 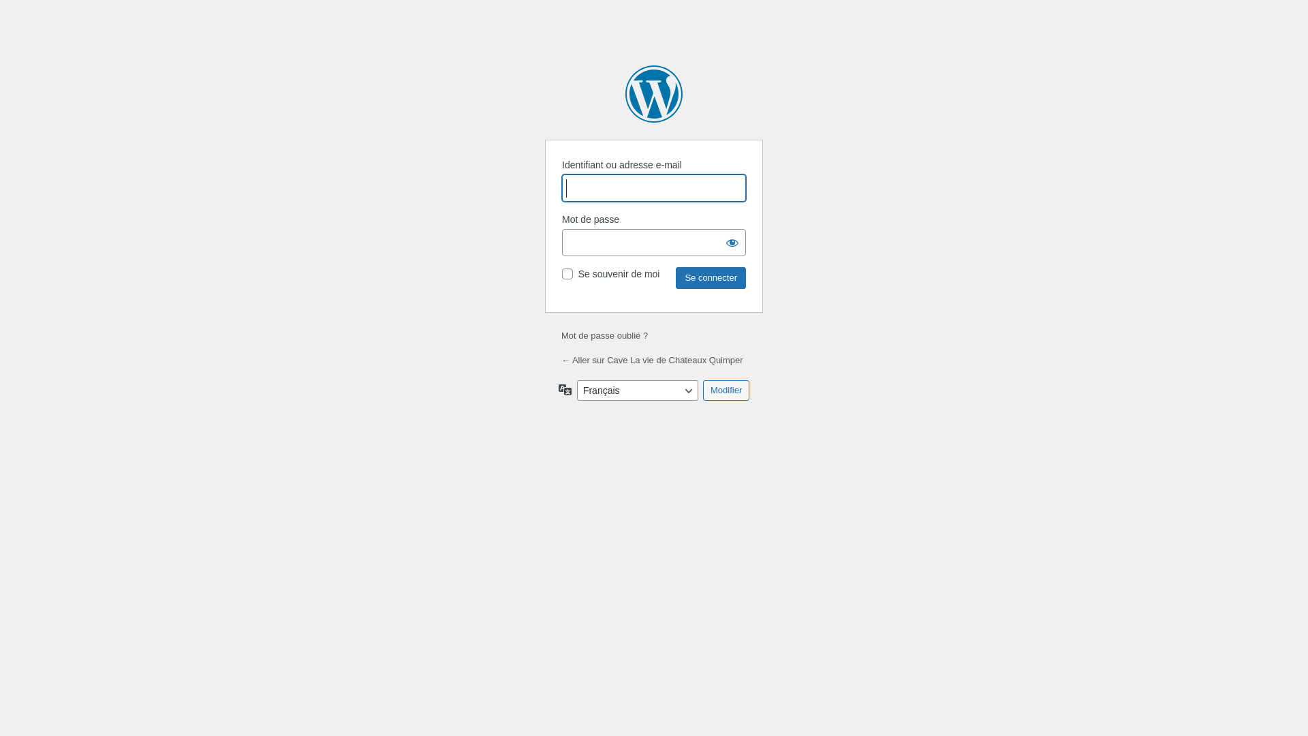 What do you see at coordinates (710, 277) in the screenshot?
I see `'Se connecter'` at bounding box center [710, 277].